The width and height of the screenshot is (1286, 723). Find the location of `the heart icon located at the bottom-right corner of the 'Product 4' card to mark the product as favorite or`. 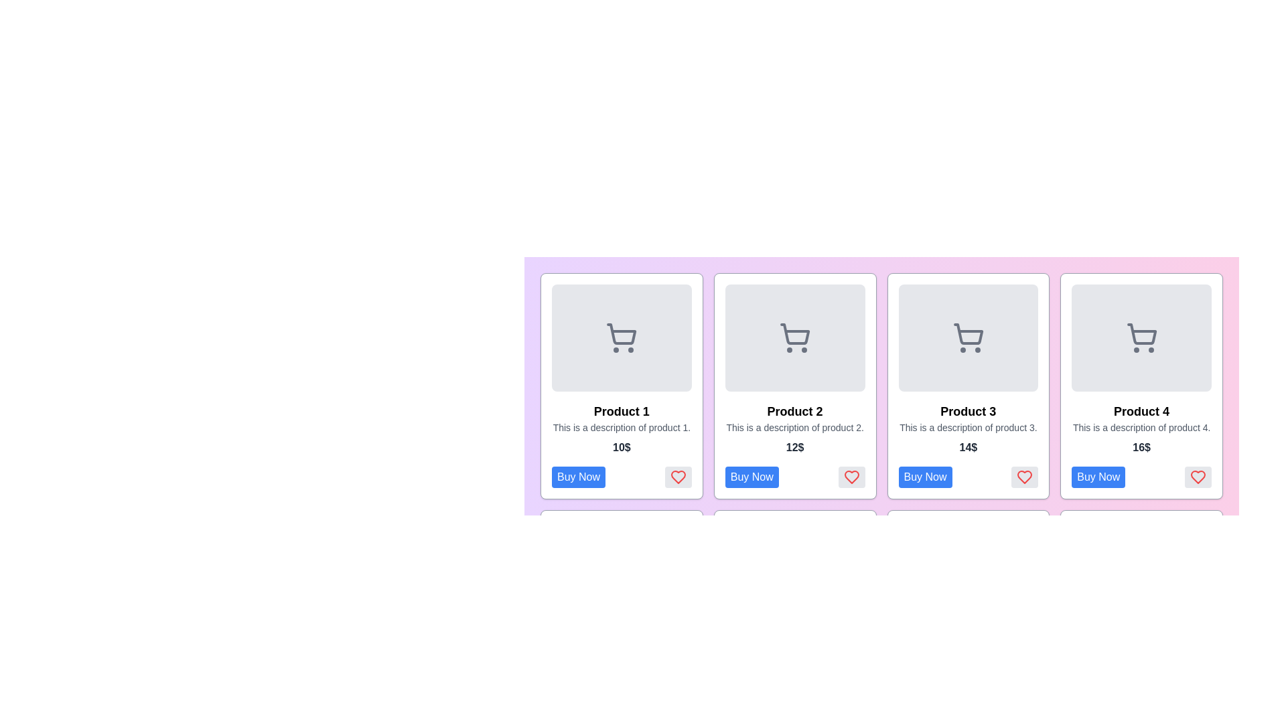

the heart icon located at the bottom-right corner of the 'Product 4' card to mark the product as favorite or is located at coordinates (1198, 477).